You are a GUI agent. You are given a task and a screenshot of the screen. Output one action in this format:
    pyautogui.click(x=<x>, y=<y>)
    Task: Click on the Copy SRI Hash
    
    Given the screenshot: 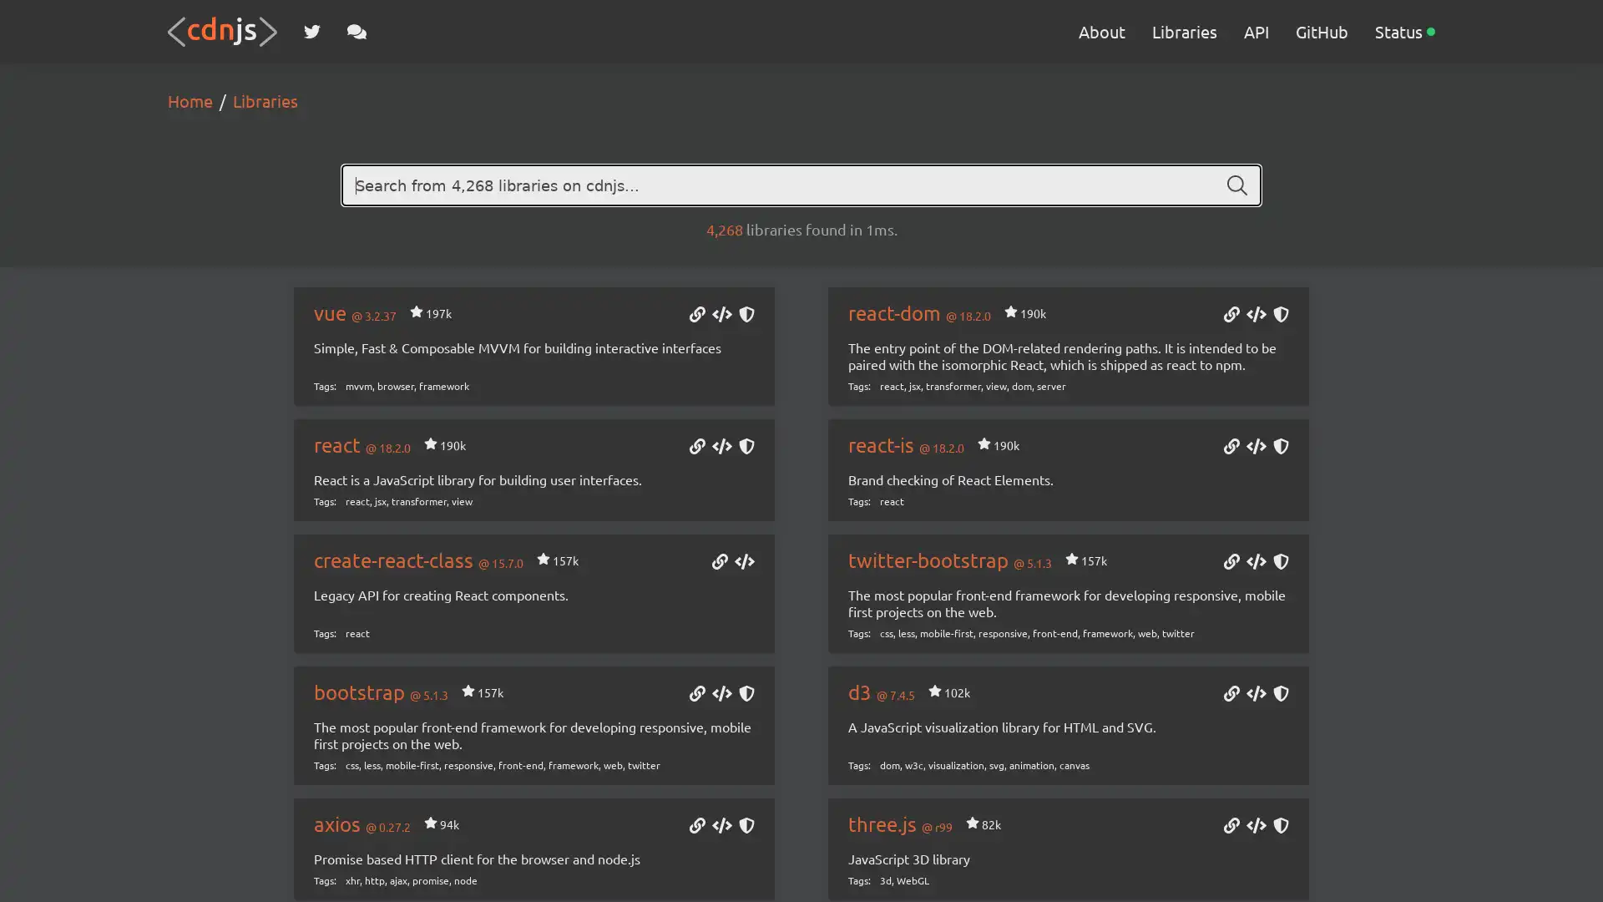 What is the action you would take?
    pyautogui.click(x=745, y=695)
    